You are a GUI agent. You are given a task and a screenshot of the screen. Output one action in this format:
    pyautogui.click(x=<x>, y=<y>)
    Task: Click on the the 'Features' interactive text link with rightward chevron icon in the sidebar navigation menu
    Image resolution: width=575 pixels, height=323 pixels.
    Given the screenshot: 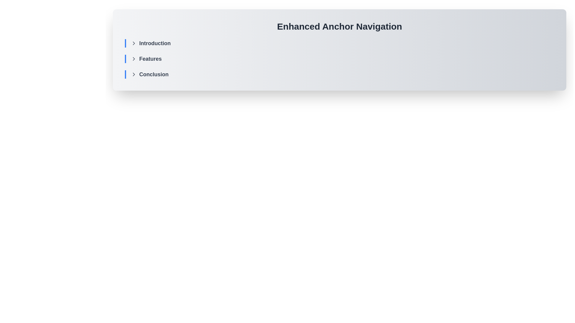 What is the action you would take?
    pyautogui.click(x=146, y=59)
    